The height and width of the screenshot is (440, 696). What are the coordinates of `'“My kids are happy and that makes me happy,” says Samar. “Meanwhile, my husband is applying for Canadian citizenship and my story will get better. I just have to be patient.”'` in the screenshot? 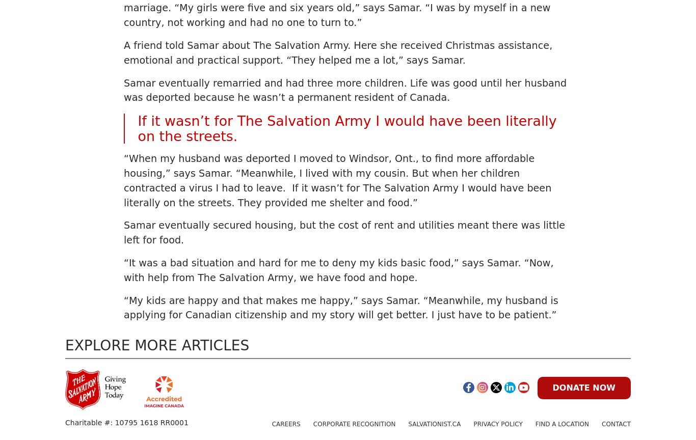 It's located at (340, 307).